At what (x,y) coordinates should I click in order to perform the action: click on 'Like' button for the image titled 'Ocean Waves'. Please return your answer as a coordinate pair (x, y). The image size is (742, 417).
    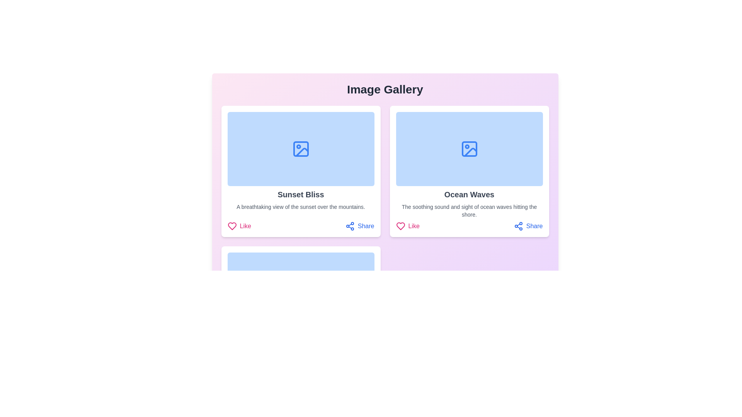
    Looking at the image, I should click on (407, 226).